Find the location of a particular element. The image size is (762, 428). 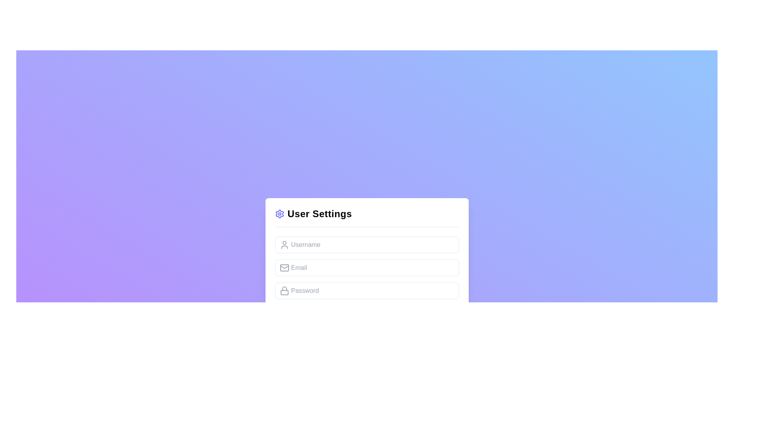

the email icon located to the left of the input field labeled 'Email' in the user data entry form is located at coordinates (284, 267).